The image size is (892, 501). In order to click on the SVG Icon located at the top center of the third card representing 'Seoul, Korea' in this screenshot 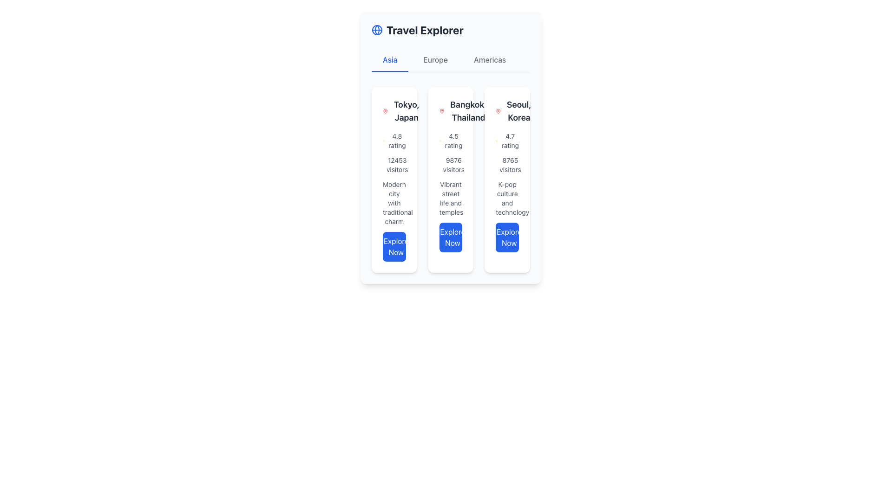, I will do `click(494, 111)`.